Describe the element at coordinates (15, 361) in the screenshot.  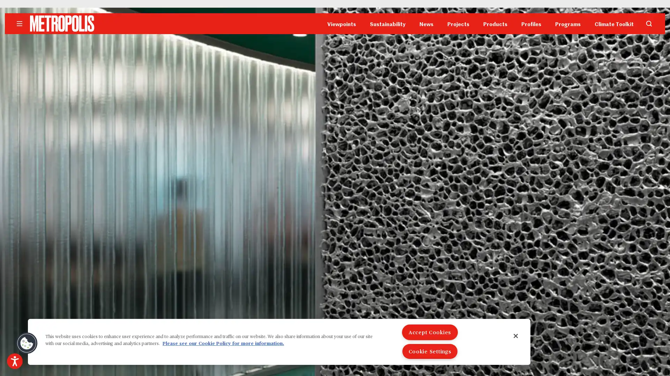
I see `Open accessibility options, statement and help` at that location.